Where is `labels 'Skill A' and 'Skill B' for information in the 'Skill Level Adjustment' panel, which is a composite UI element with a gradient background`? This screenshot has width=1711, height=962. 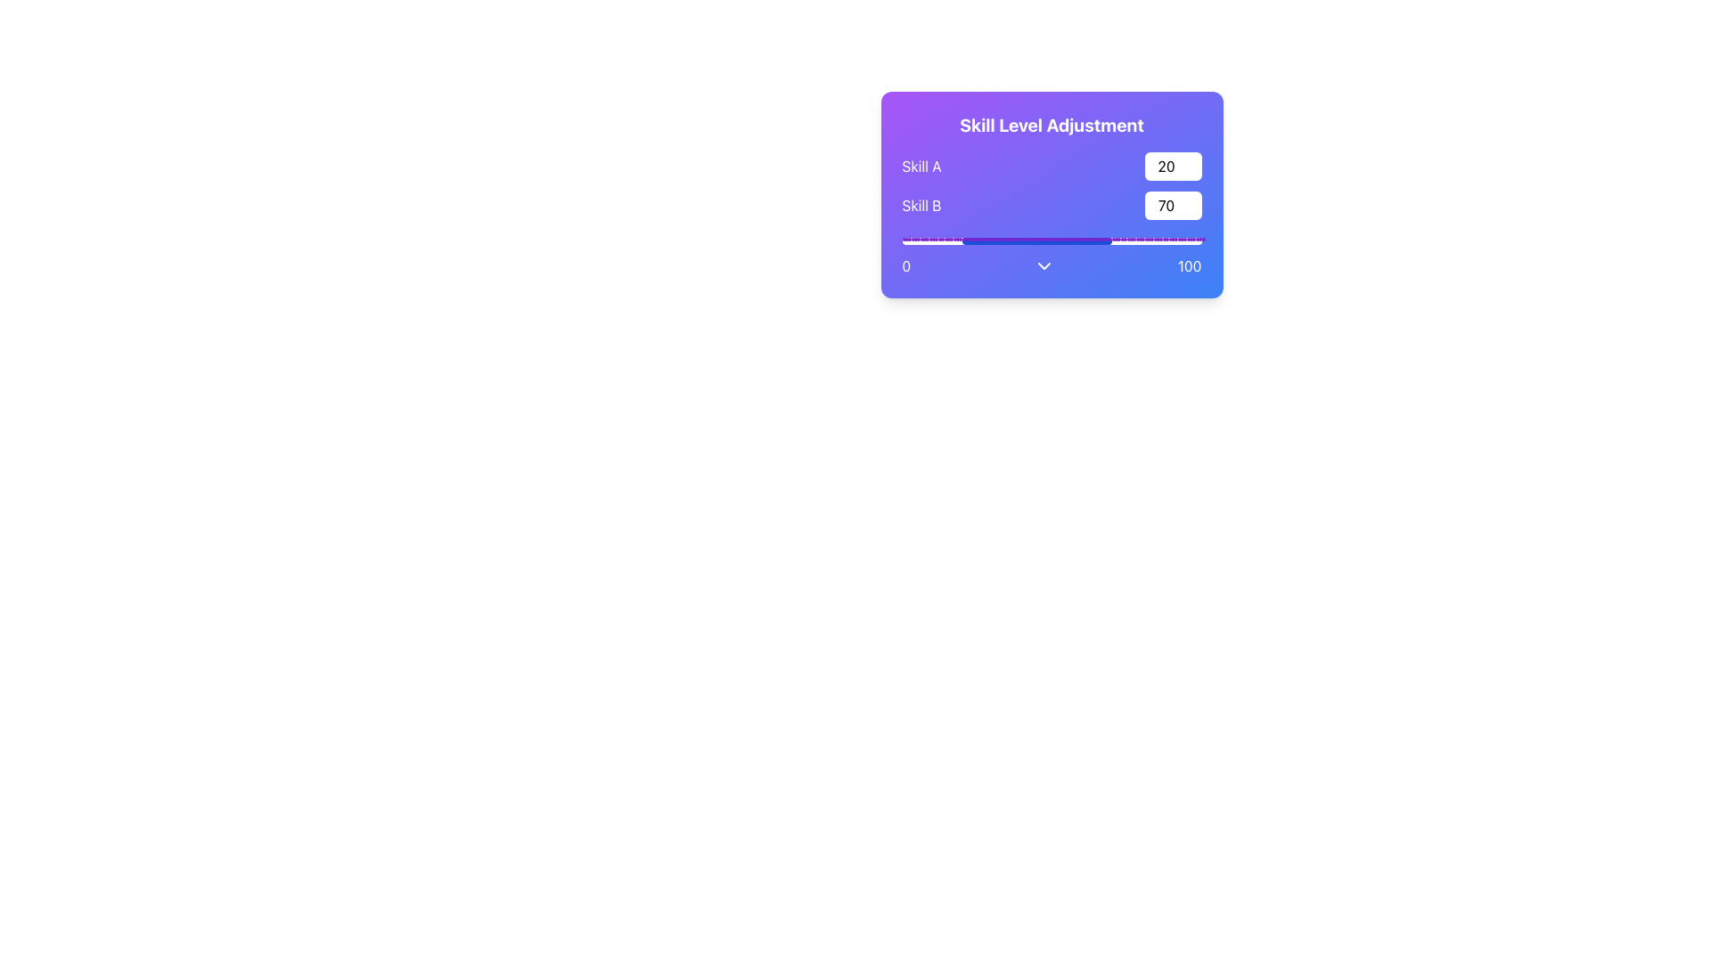
labels 'Skill A' and 'Skill B' for information in the 'Skill Level Adjustment' panel, which is a composite UI element with a gradient background is located at coordinates (1052, 195).